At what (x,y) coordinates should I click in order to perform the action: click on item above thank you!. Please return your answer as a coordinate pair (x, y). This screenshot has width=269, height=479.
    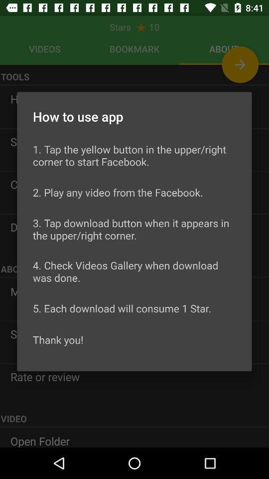
    Looking at the image, I should click on (122, 307).